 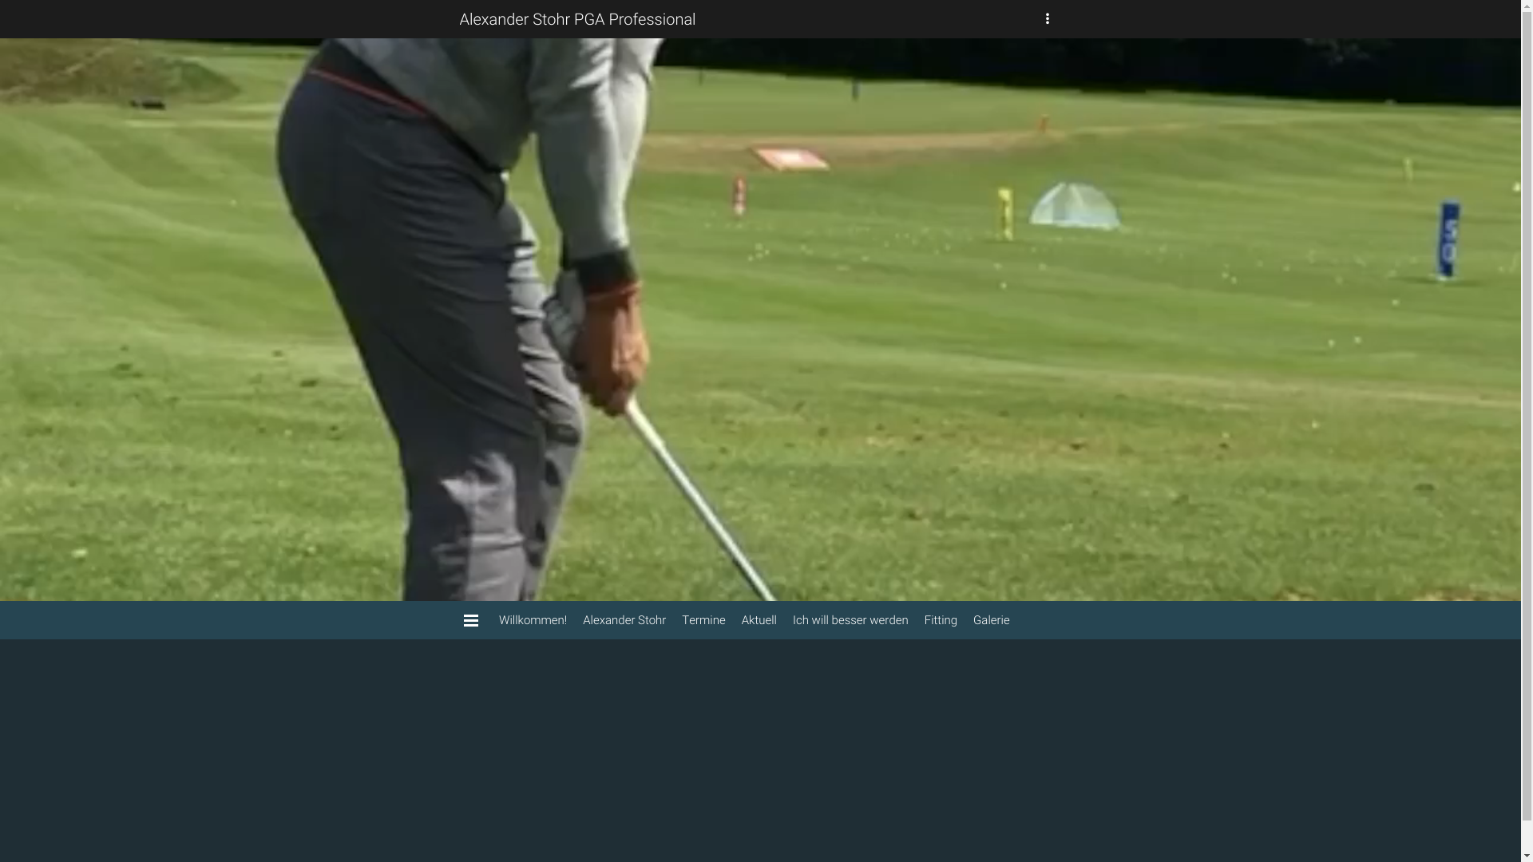 I want to click on 'Termine', so click(x=703, y=619).